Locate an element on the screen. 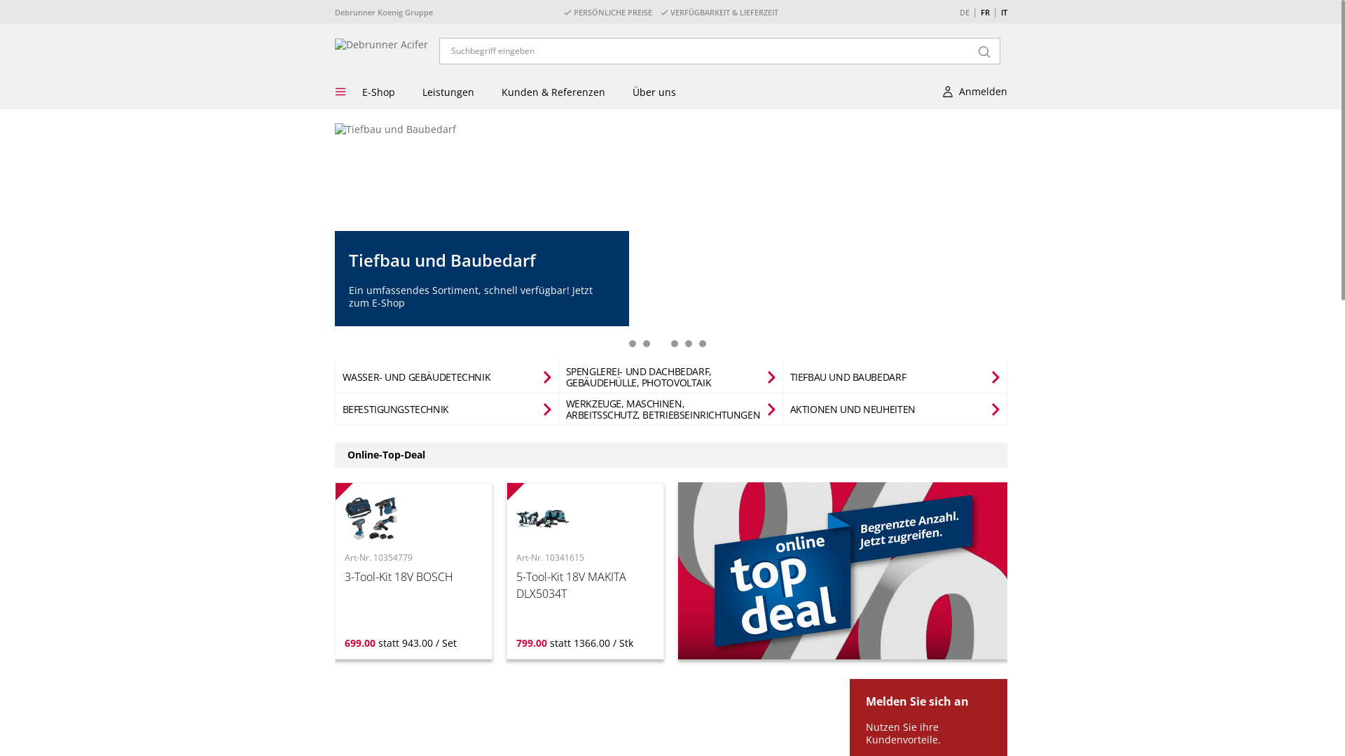  'Kunden & Referenzen' is located at coordinates (553, 92).